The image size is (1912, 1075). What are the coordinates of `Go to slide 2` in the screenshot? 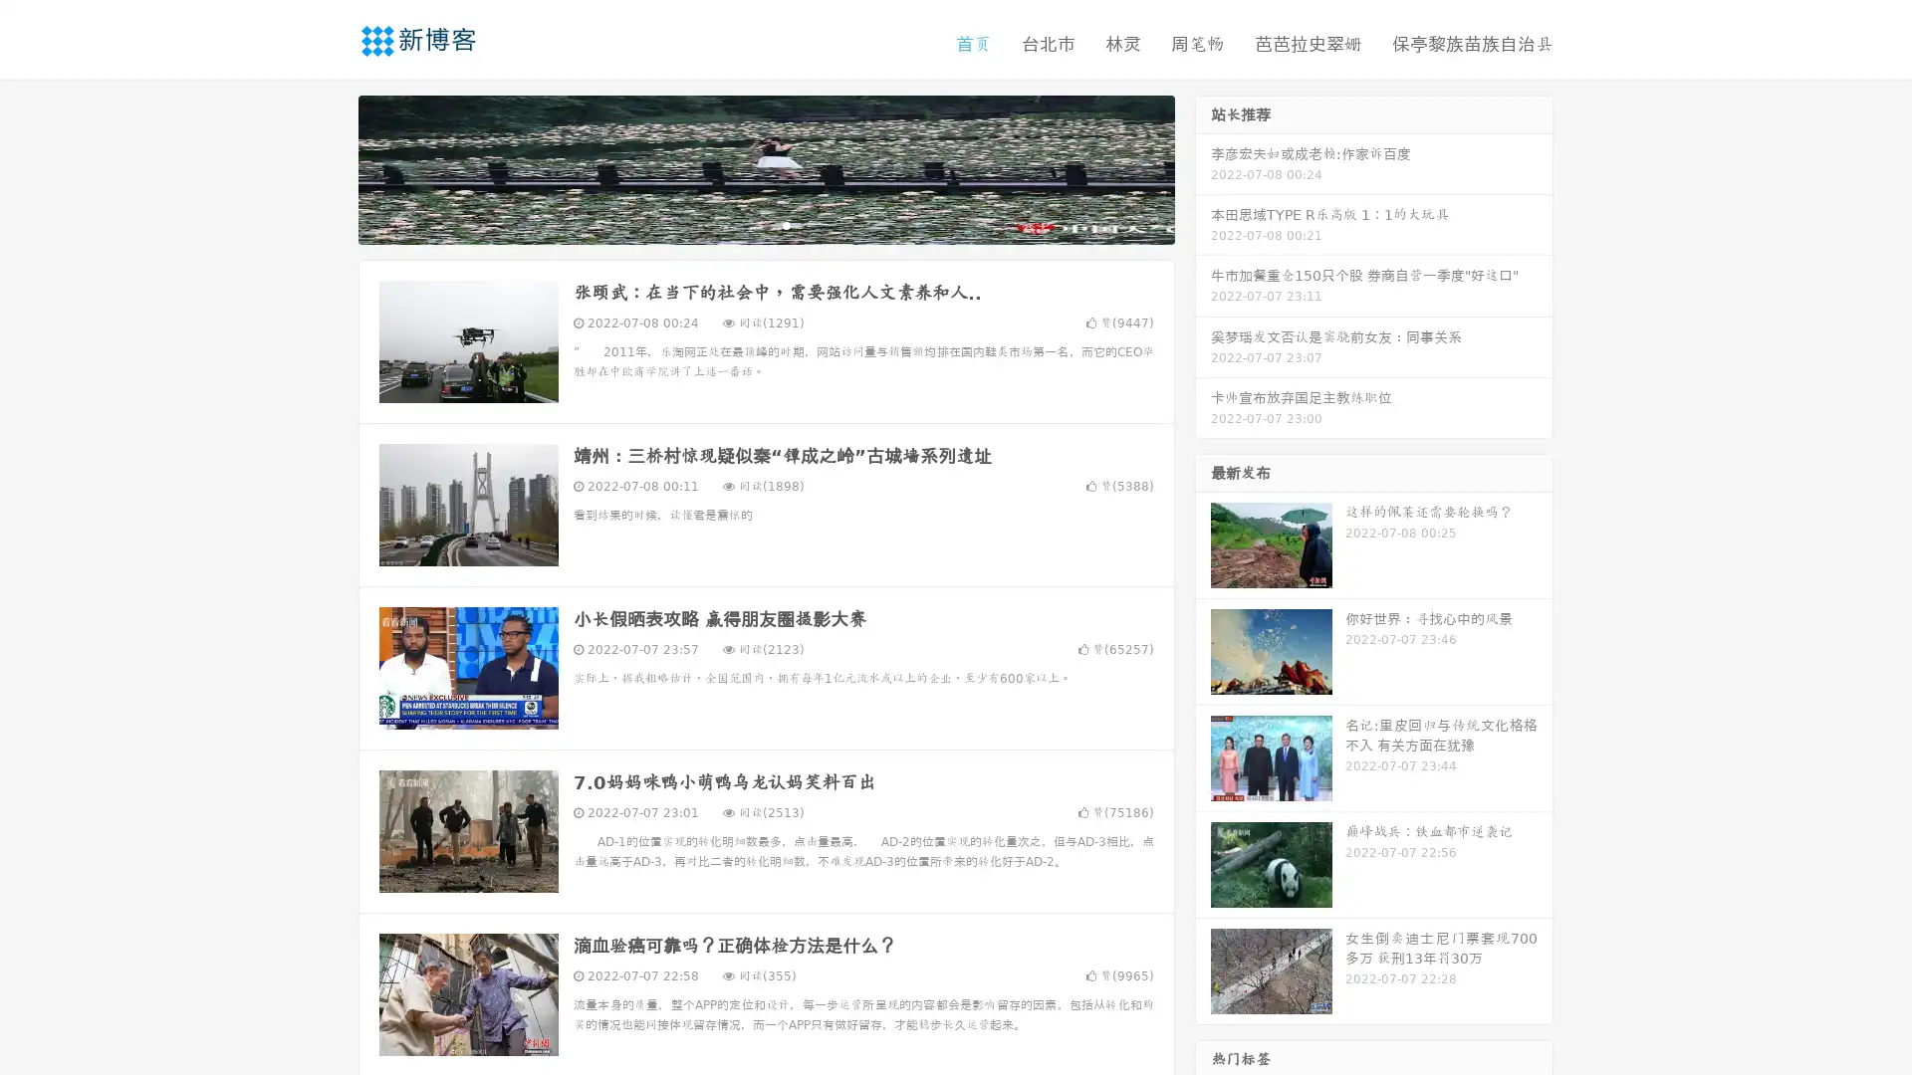 It's located at (765, 224).